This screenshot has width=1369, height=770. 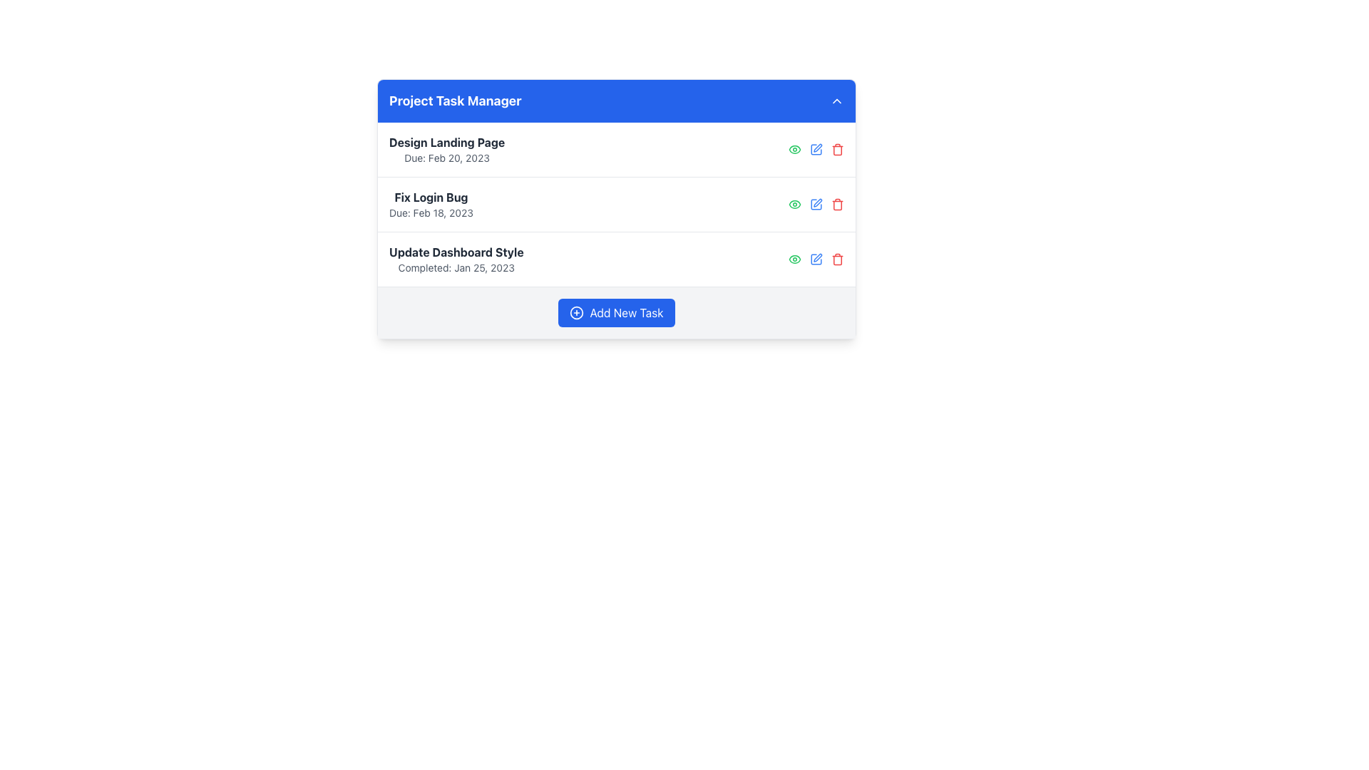 I want to click on the green eye-shaped icon button located at the leftmost position among the action buttons in the task management section, so click(x=794, y=259).